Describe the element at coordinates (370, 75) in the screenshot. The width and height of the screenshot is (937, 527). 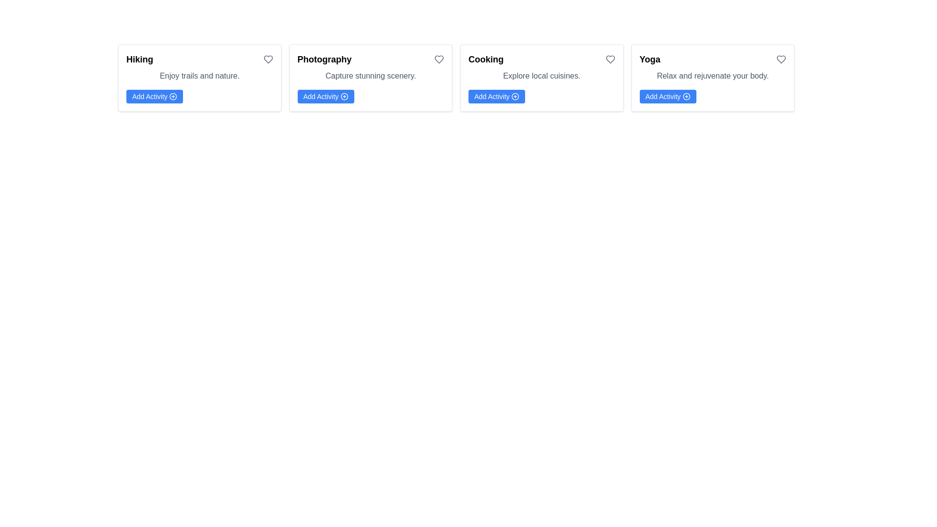
I see `the text element displaying 'Capture stunning scenery.' which is styled in gray and positioned beneath the main heading in the 'Photography' card` at that location.